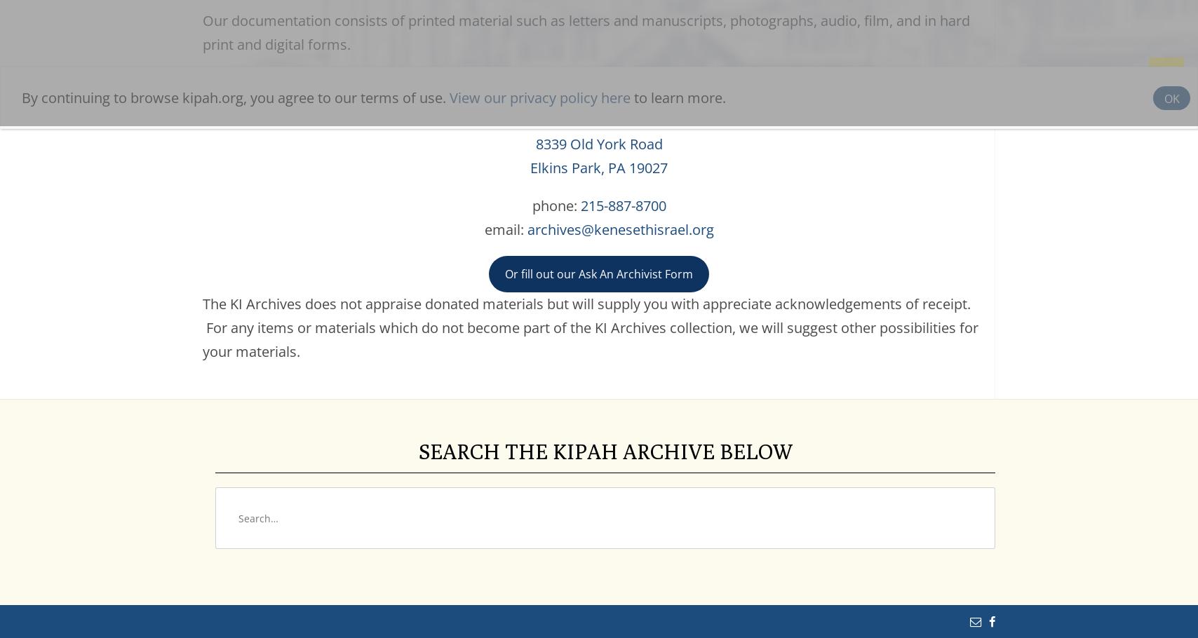 The height and width of the screenshot is (638, 1198). What do you see at coordinates (599, 168) in the screenshot?
I see `'Elkins Park, PA 19027'` at bounding box center [599, 168].